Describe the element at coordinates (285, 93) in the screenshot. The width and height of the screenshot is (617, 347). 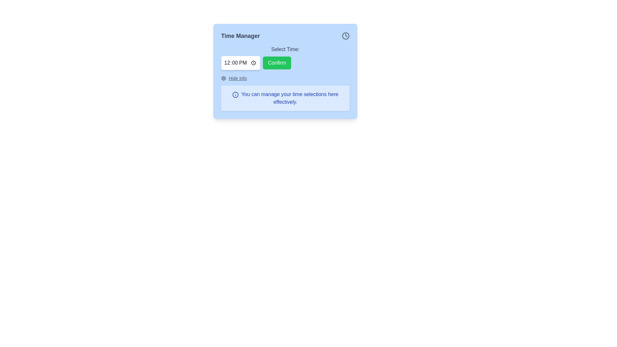
I see `the informational text box located below the 'Hide Info' section within the 'Time Manager' card, which provides guidance on managing time selections` at that location.